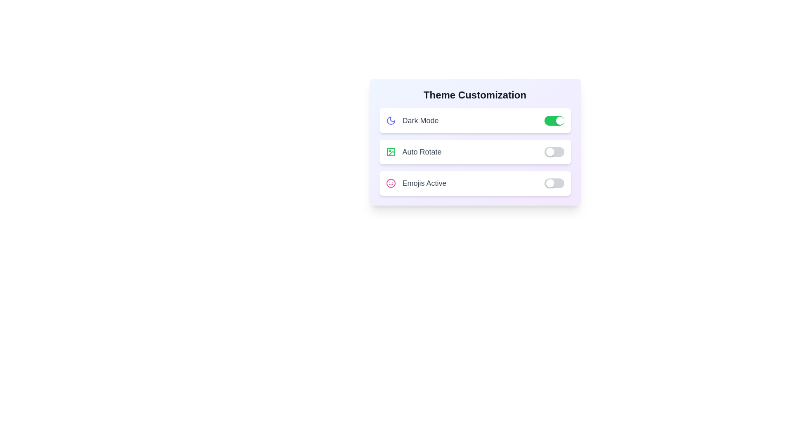  What do you see at coordinates (390, 152) in the screenshot?
I see `the small icon representing an image with a green stroke, located in the 'Auto Rotate' row of the 'Theme Customization' section, preceding the label 'Auto Rotate'` at bounding box center [390, 152].